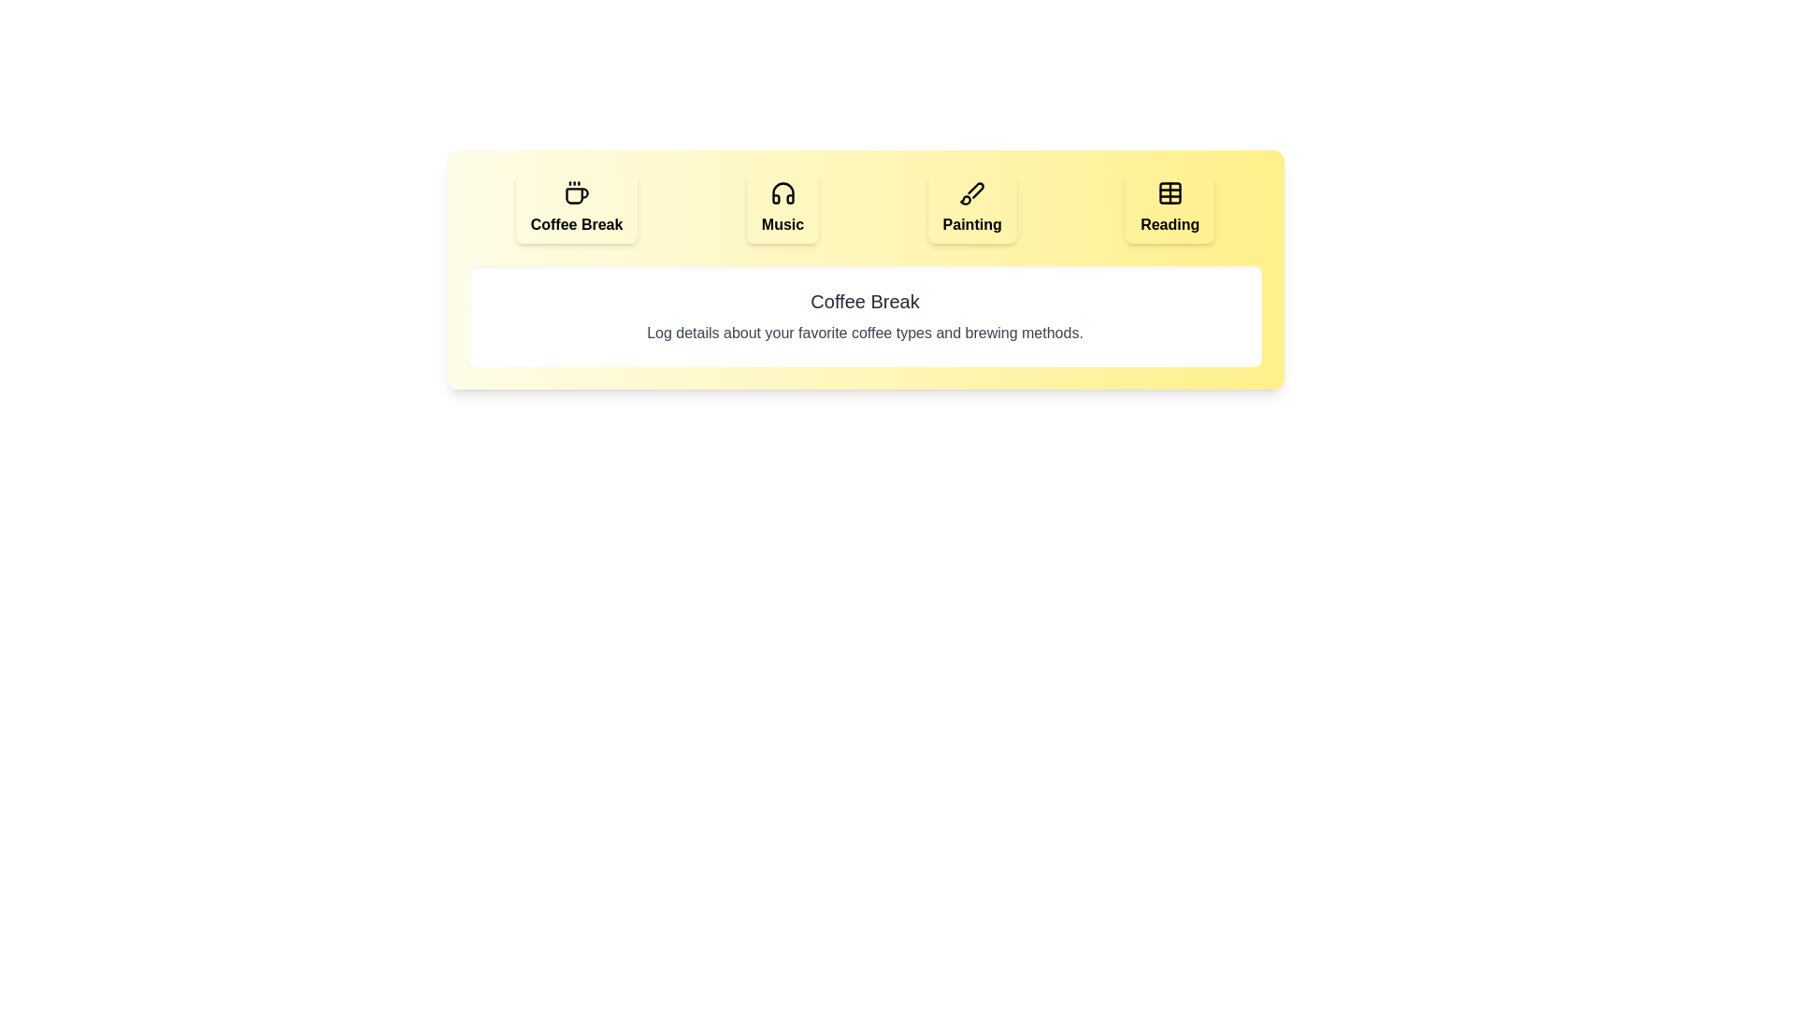  What do you see at coordinates (1169, 193) in the screenshot?
I see `the visual icon component indicating the status of the 'Reading' tab, which is located to the right of the 'Painting' tab in the top-right horizontal menu` at bounding box center [1169, 193].